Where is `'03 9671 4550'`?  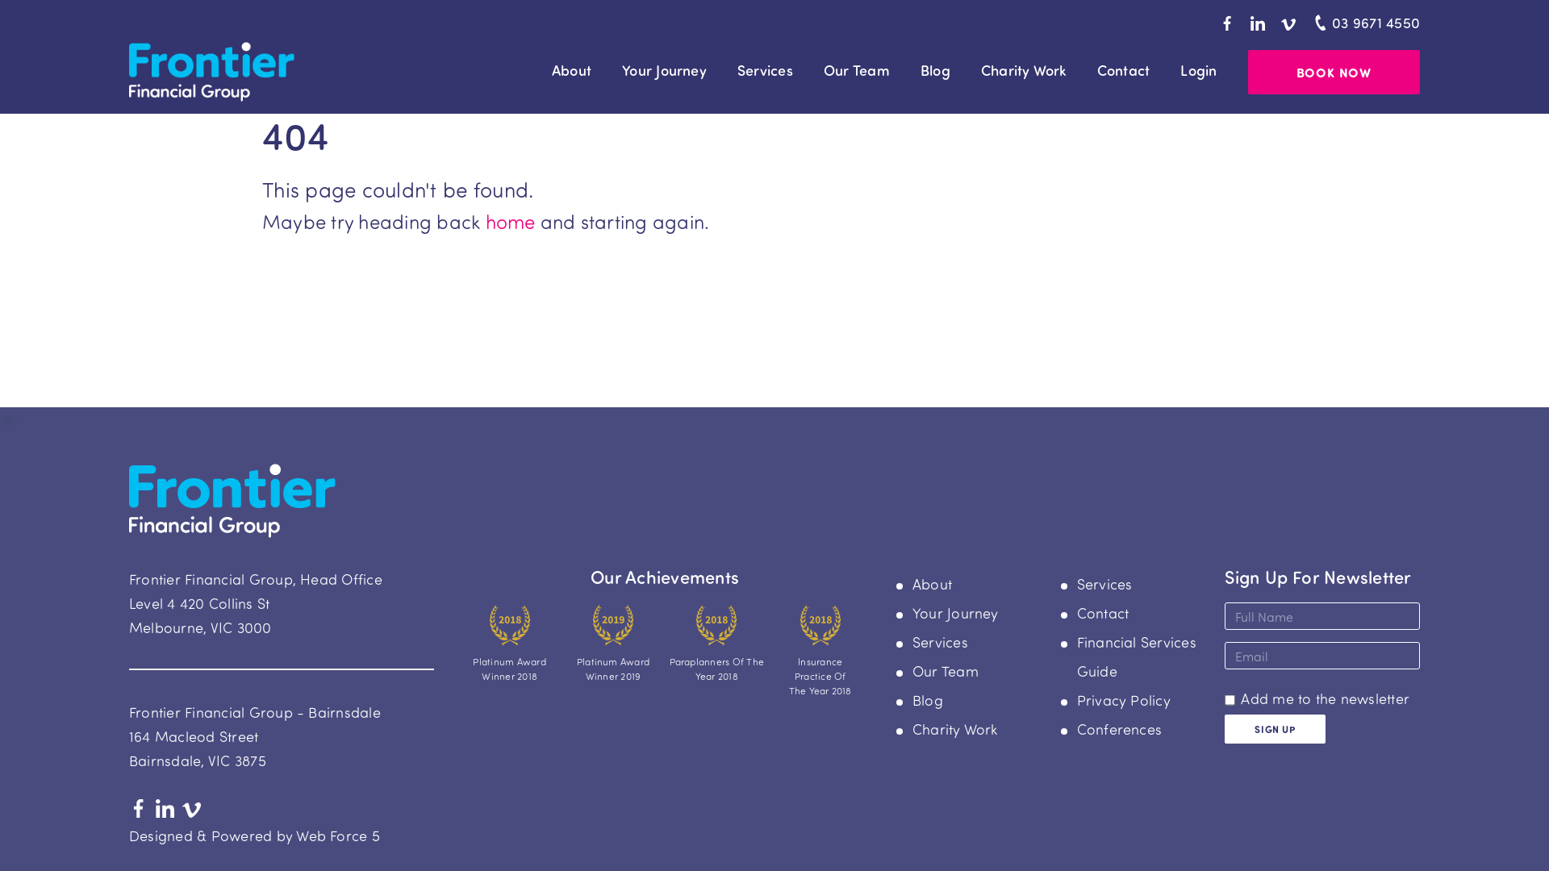 '03 9671 4550' is located at coordinates (1363, 23).